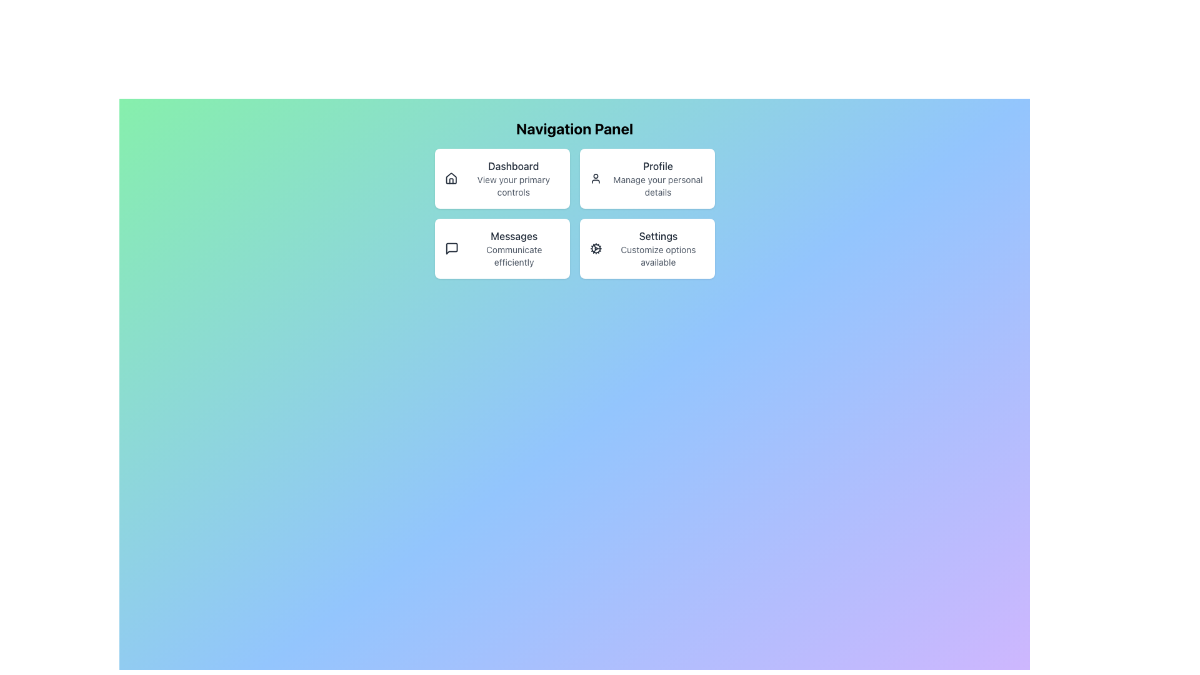  What do you see at coordinates (647, 178) in the screenshot?
I see `the profile card button located in the top-right corner of the 2x2 grid, which features a user icon and the text 'Profile' with a subtitle 'Manage your personal details'` at bounding box center [647, 178].